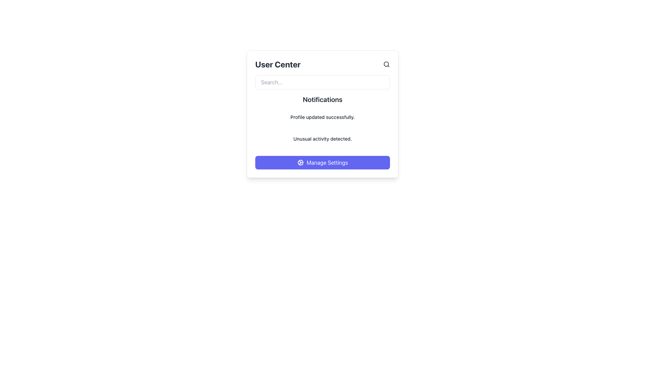 The image size is (650, 366). Describe the element at coordinates (386, 64) in the screenshot. I see `the inner circular shape of the search icon located at the top right corner of the 'User Center' modal interface` at that location.